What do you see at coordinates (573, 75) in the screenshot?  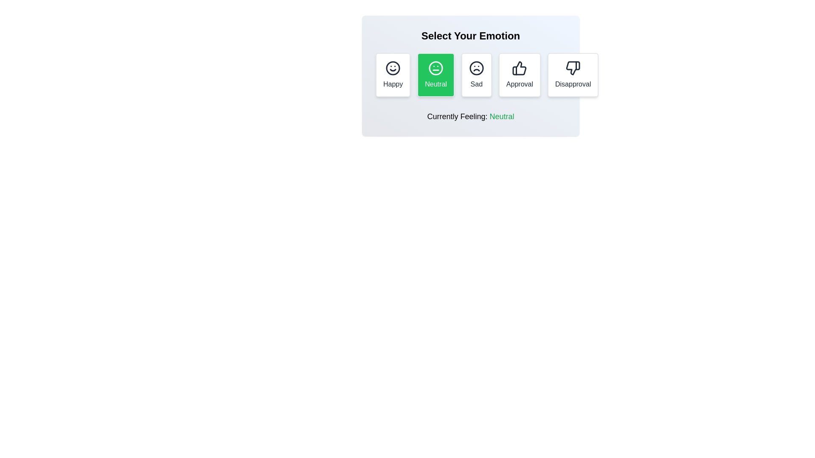 I see `the Disapproval button to select the corresponding reaction` at bounding box center [573, 75].